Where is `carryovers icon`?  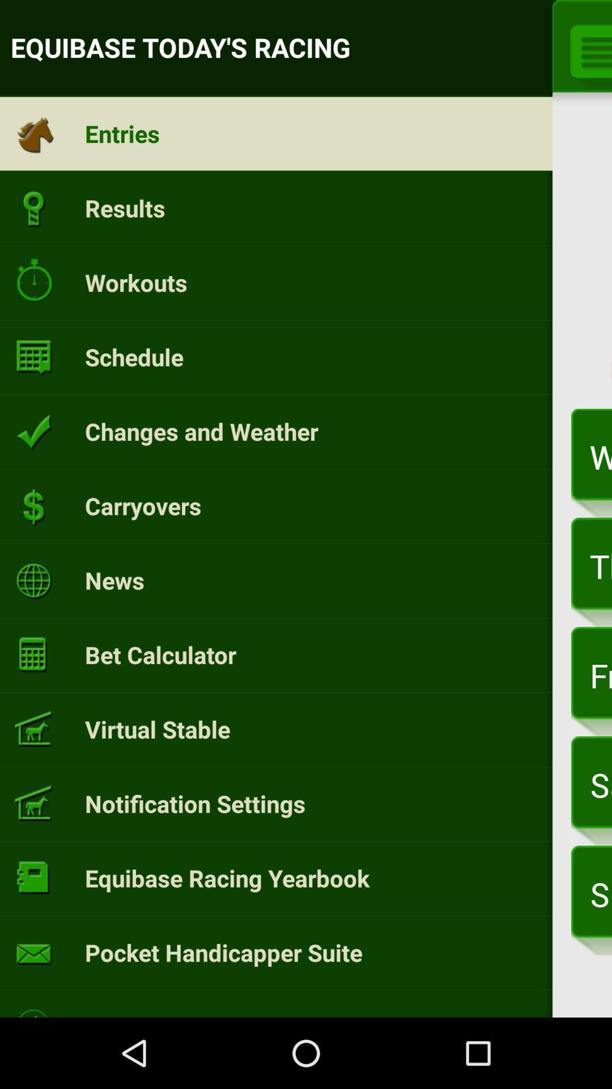 carryovers icon is located at coordinates (142, 505).